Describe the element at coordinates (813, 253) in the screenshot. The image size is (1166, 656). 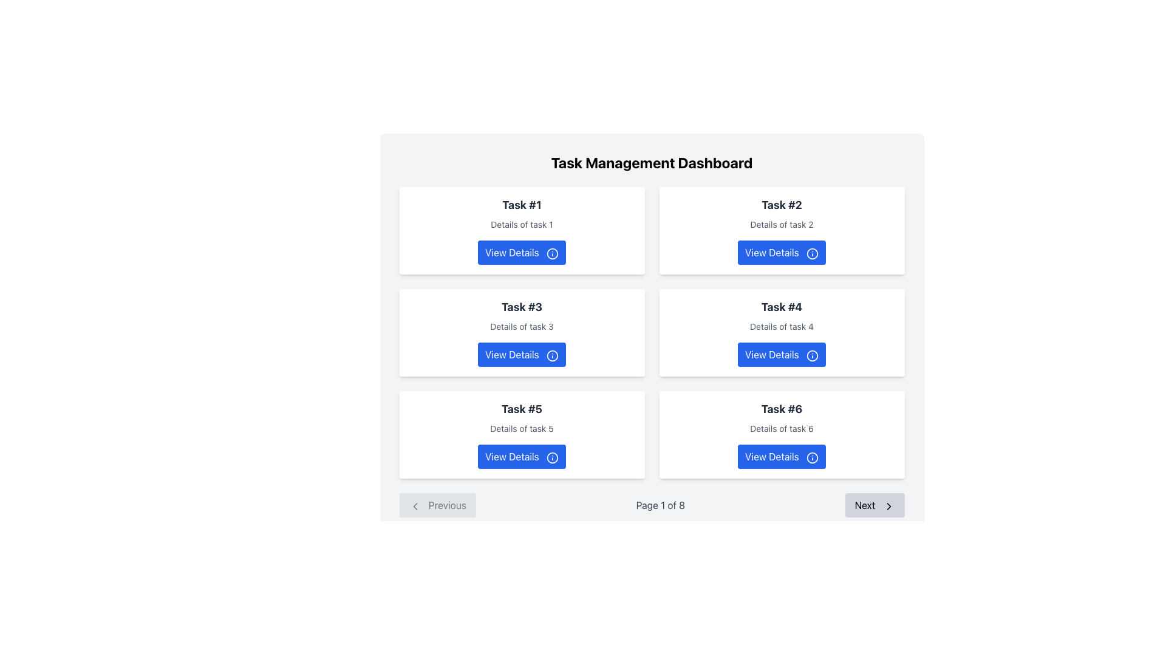
I see `the informational SVG icon located to the right of the 'View Details' button in the 'Task #2' card, which is the top-right card in the grid layout` at that location.